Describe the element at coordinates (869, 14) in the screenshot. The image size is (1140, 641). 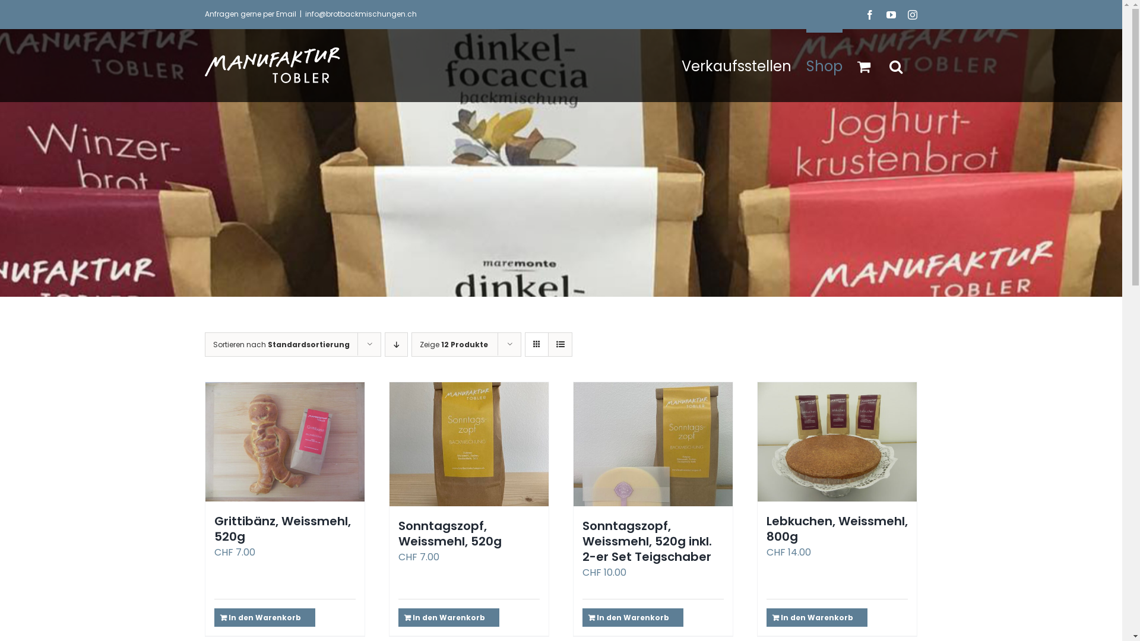
I see `'Facebook'` at that location.